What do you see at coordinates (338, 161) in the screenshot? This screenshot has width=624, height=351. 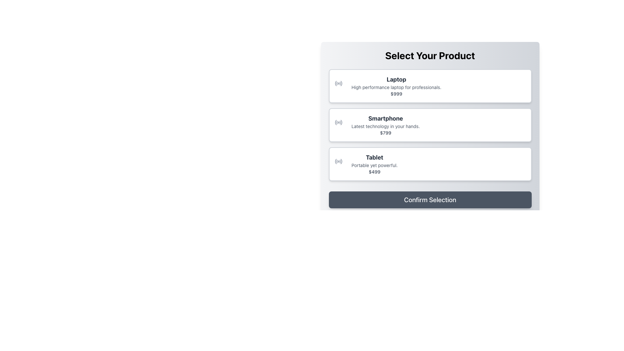 I see `the circular SVG graphic representing a radio wave-like icon, which is styled with a gray color palette and serves as a button or indicator, located near the left end of the 'Tablet' product entry` at bounding box center [338, 161].